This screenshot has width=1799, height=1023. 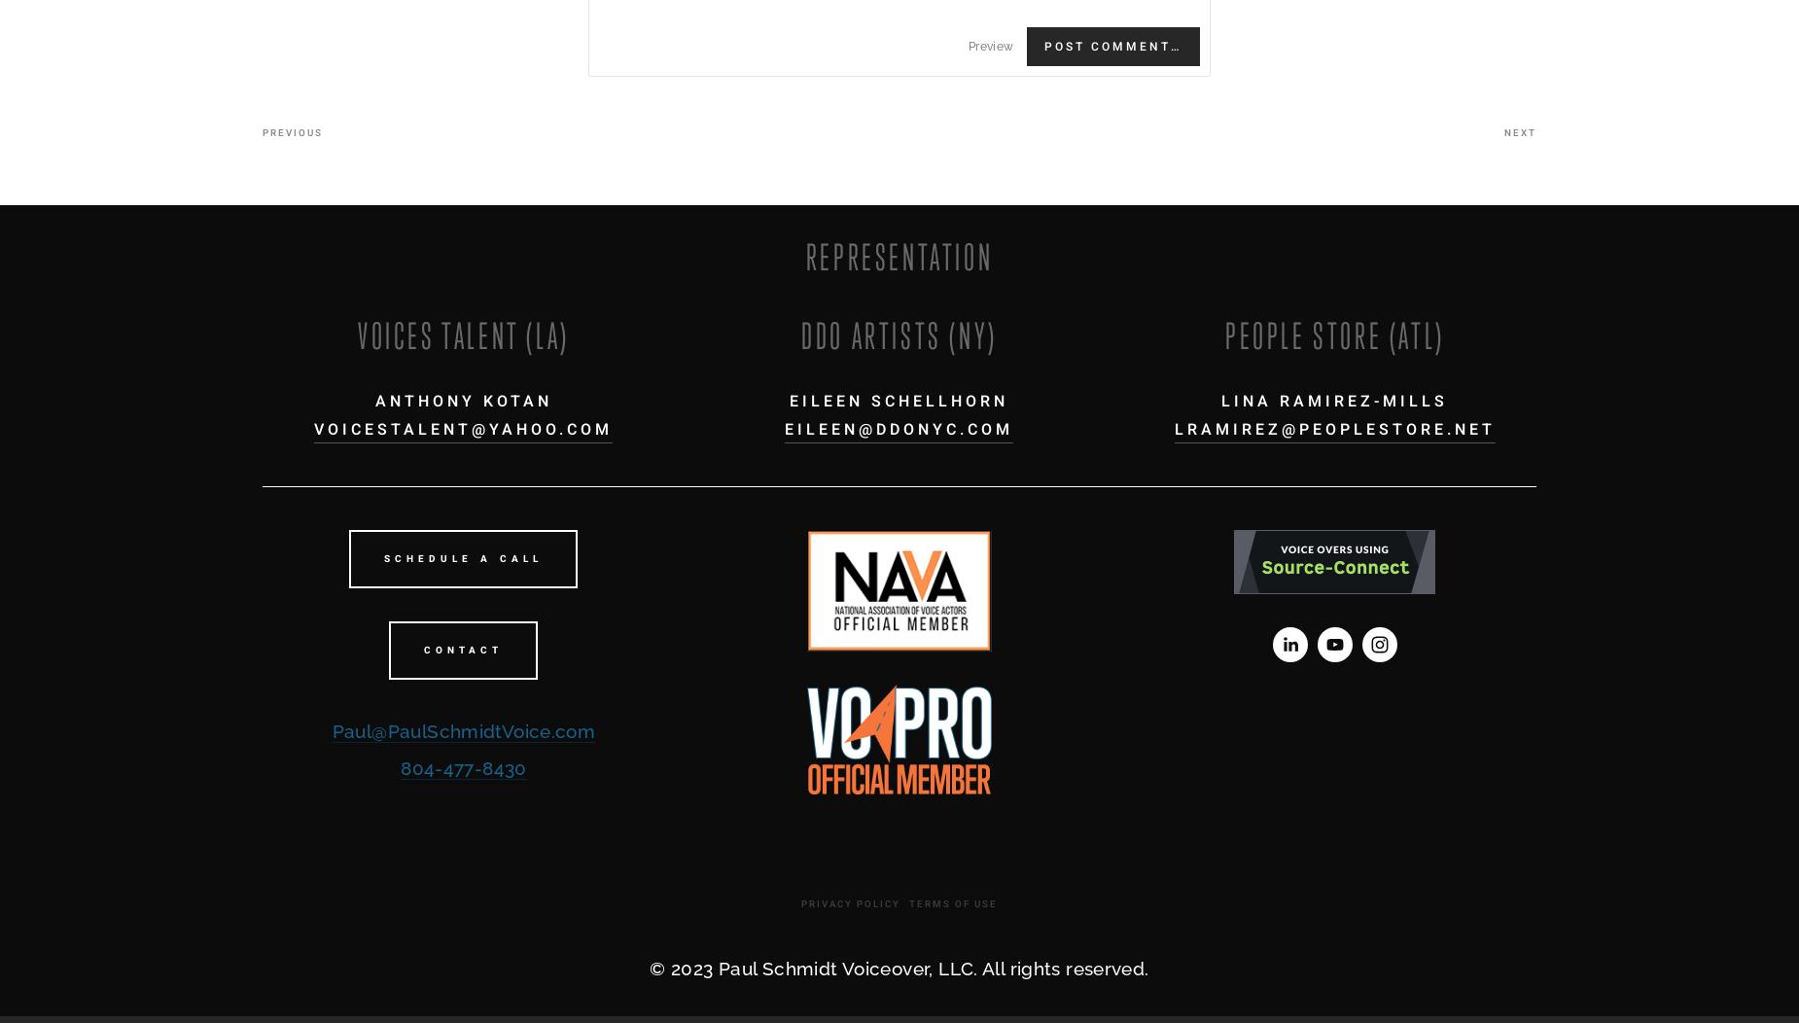 I want to click on 'CONTACT', so click(x=463, y=649).